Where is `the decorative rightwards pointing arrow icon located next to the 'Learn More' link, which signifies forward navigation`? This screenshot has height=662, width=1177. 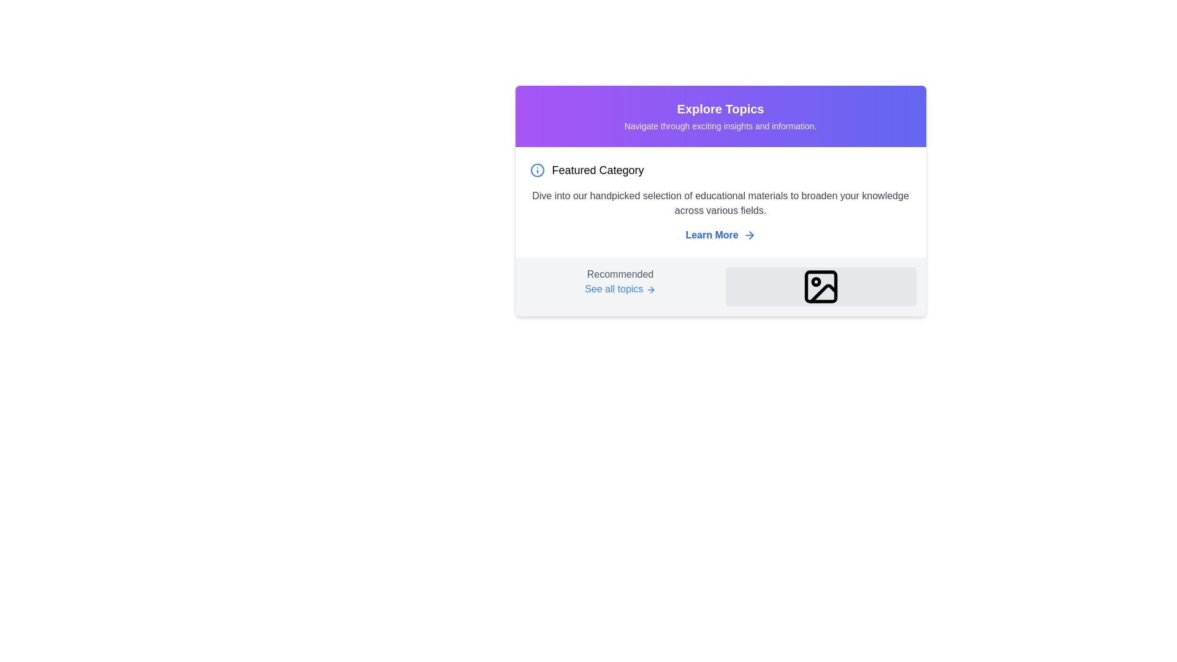 the decorative rightwards pointing arrow icon located next to the 'Learn More' link, which signifies forward navigation is located at coordinates (750, 235).